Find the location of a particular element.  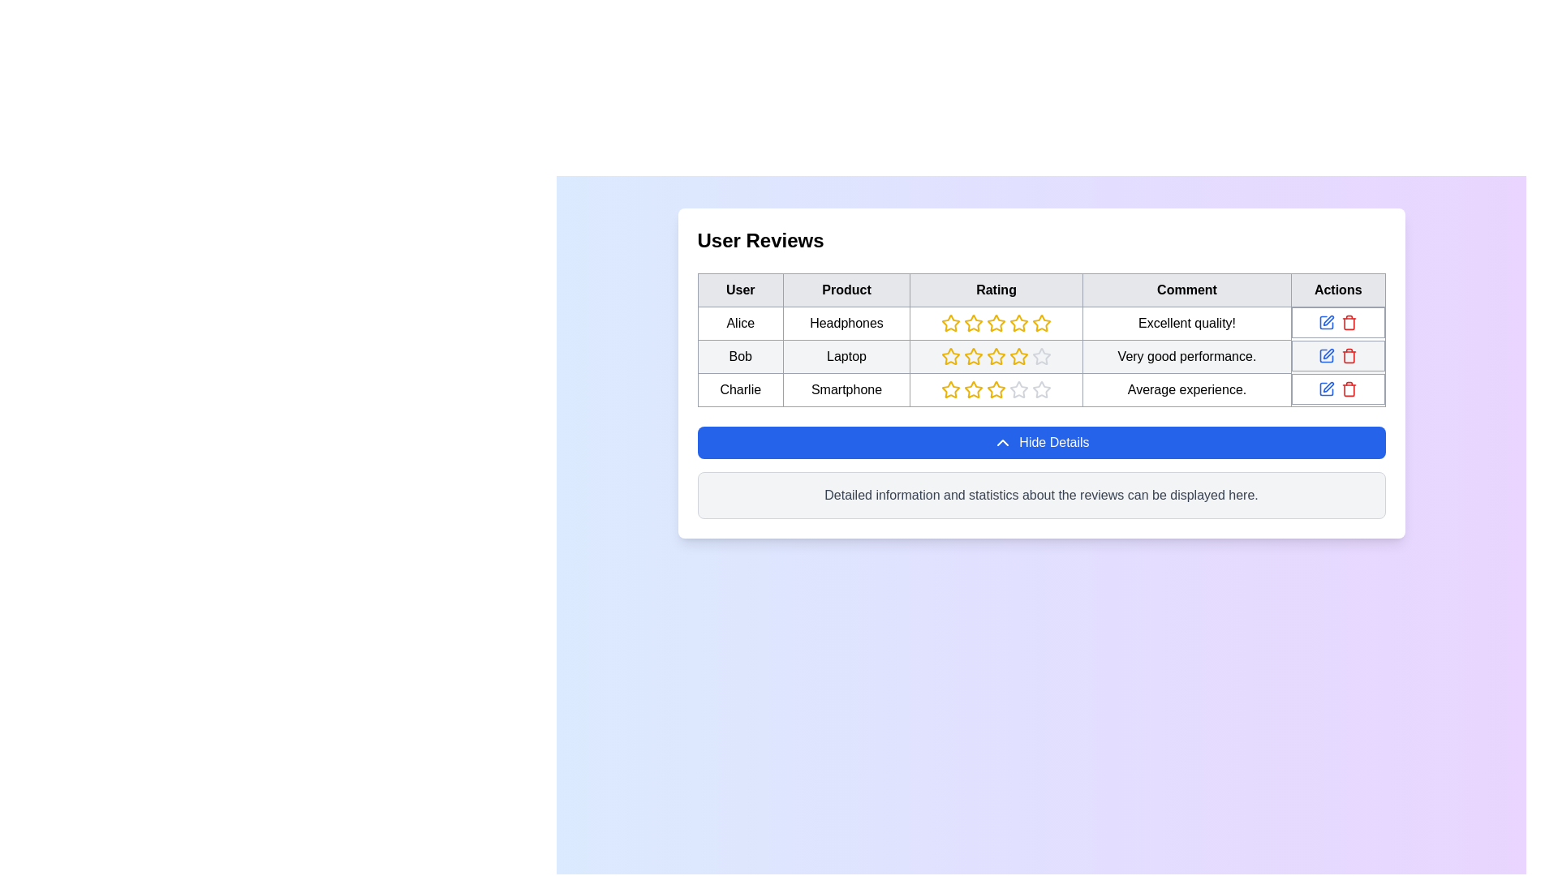

the red trash bin icon is located at coordinates (1338, 354).